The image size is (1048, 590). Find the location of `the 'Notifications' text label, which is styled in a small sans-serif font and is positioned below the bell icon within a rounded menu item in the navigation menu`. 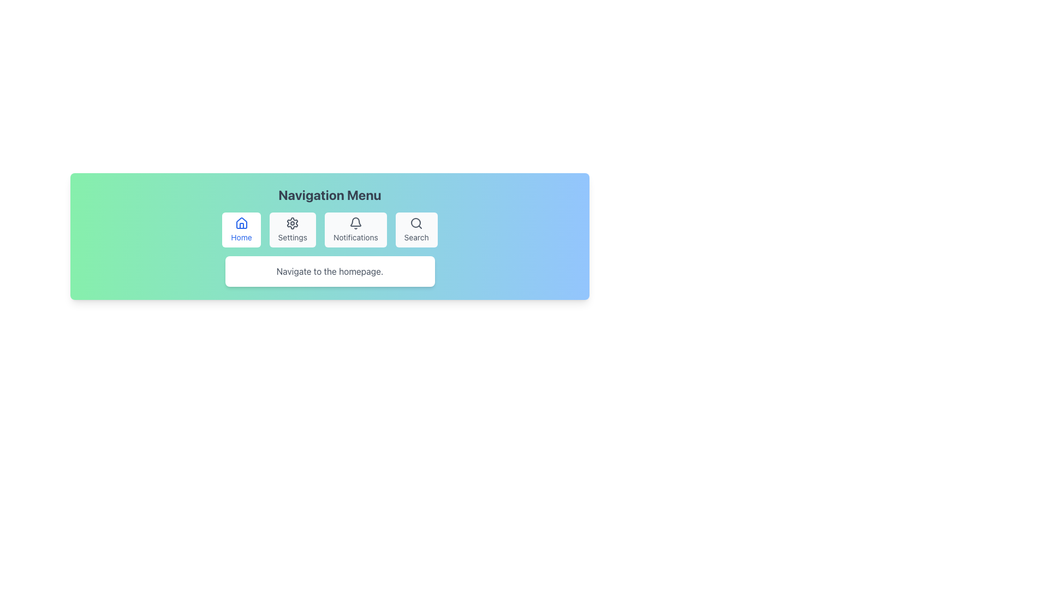

the 'Notifications' text label, which is styled in a small sans-serif font and is positioned below the bell icon within a rounded menu item in the navigation menu is located at coordinates (355, 237).